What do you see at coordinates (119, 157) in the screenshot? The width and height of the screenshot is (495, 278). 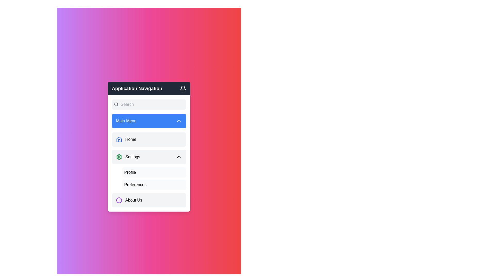 I see `the gear-like settings icon, which is styled with a green outline and located within the SVG representing the settings option in the menu, next to the 'Settings' text button` at bounding box center [119, 157].